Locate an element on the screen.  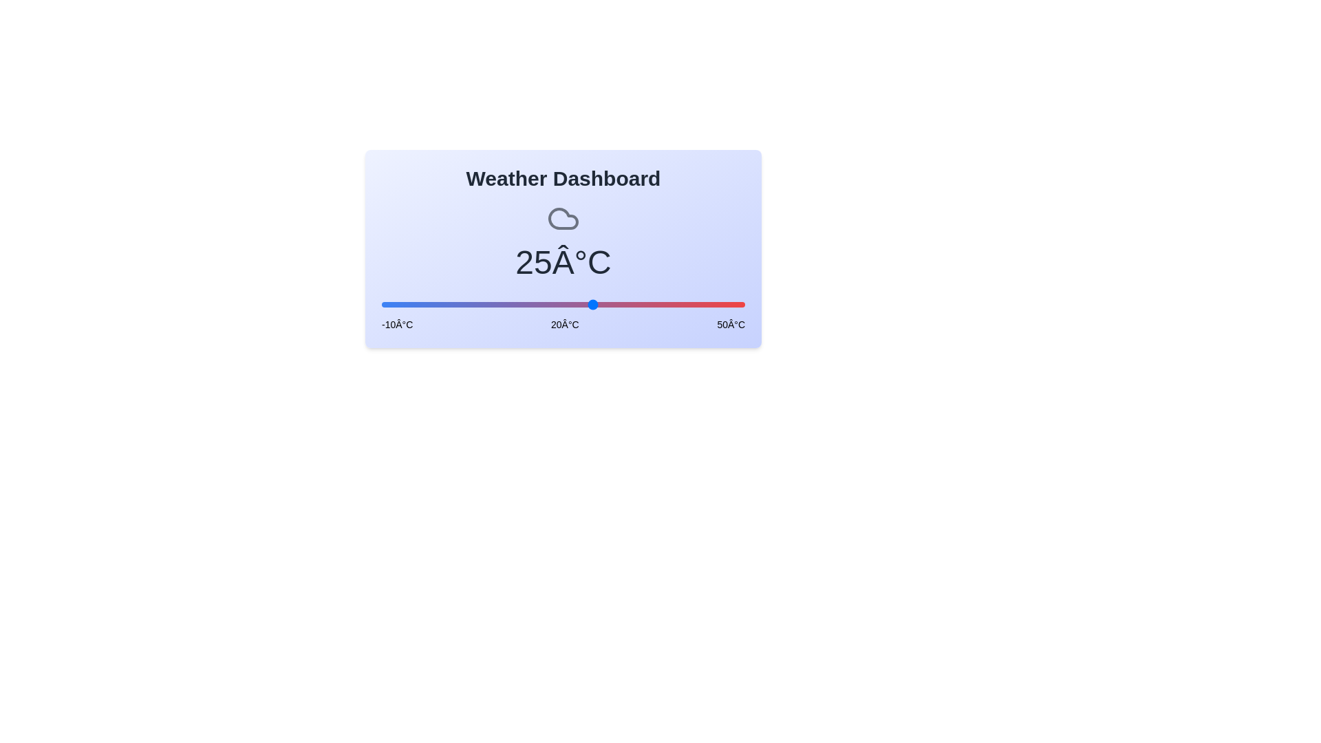
the slider to a specific temperature value 3 within the range [-10, 50] is located at coordinates (460, 304).